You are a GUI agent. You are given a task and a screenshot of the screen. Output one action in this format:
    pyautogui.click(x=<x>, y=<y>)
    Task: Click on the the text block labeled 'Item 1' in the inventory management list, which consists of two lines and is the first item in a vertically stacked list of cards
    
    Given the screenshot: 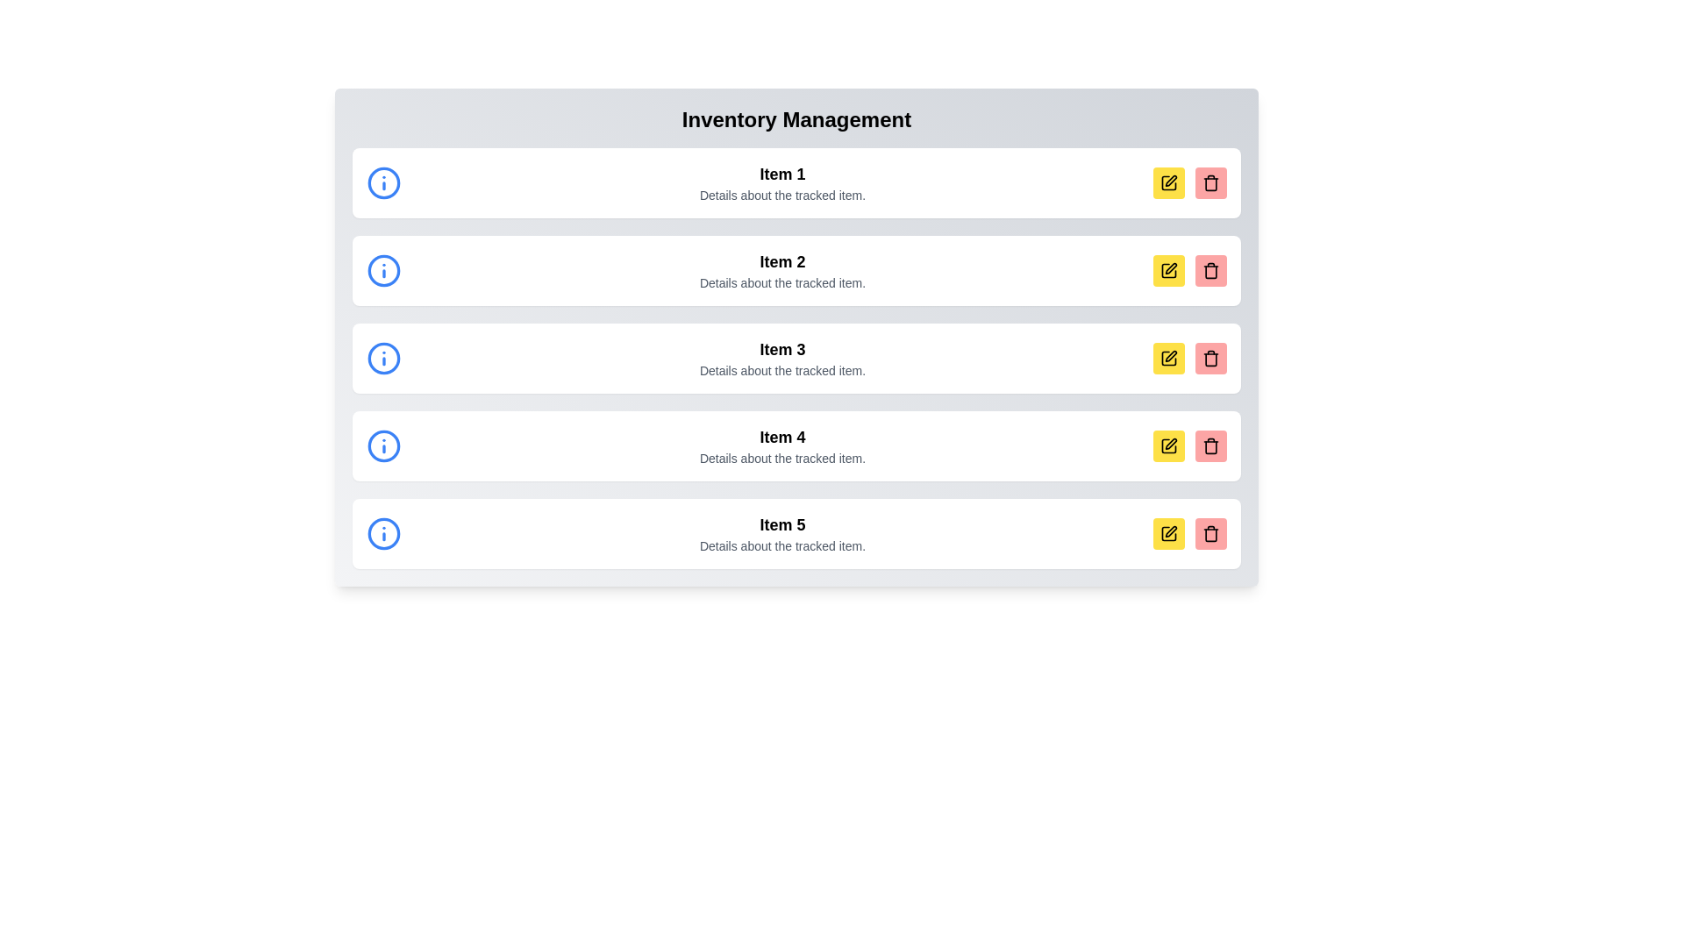 What is the action you would take?
    pyautogui.click(x=781, y=182)
    